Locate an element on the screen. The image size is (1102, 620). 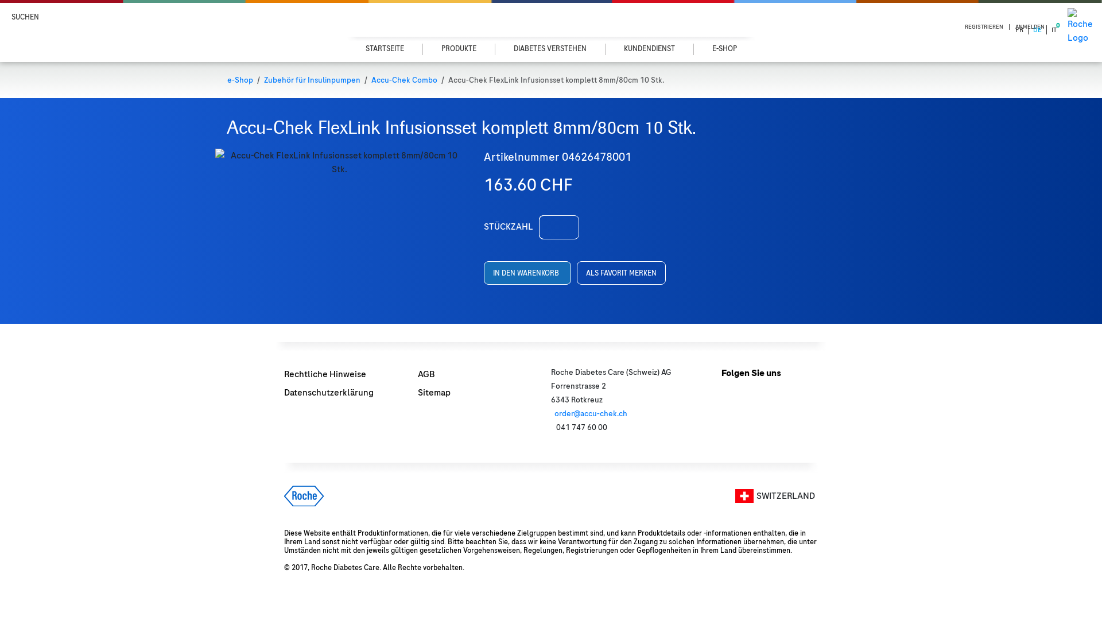
'ANMELDEN' is located at coordinates (1030, 26).